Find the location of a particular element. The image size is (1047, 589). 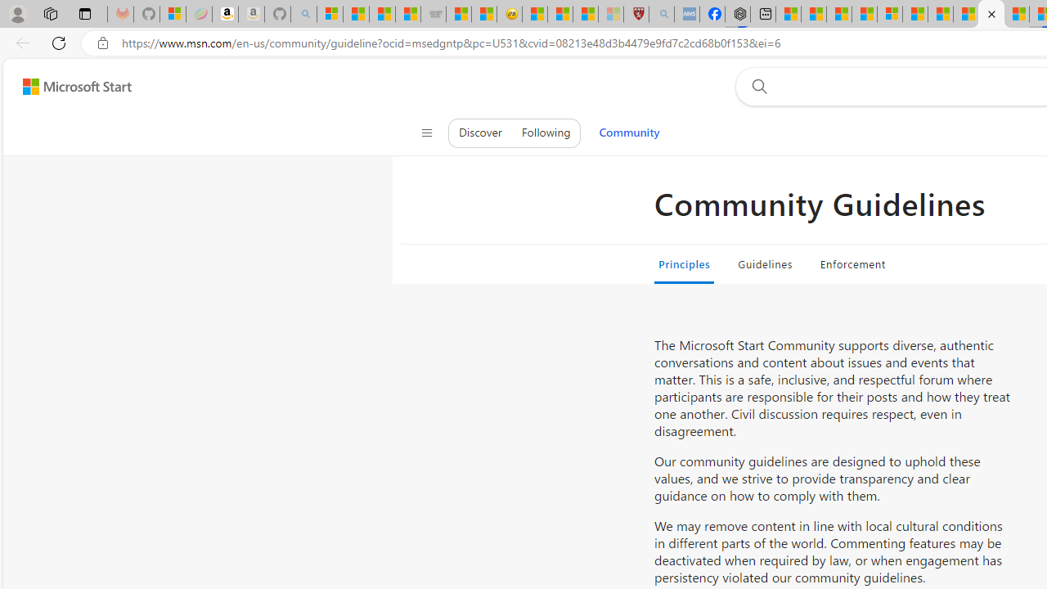

'Refresh' is located at coordinates (59, 42).